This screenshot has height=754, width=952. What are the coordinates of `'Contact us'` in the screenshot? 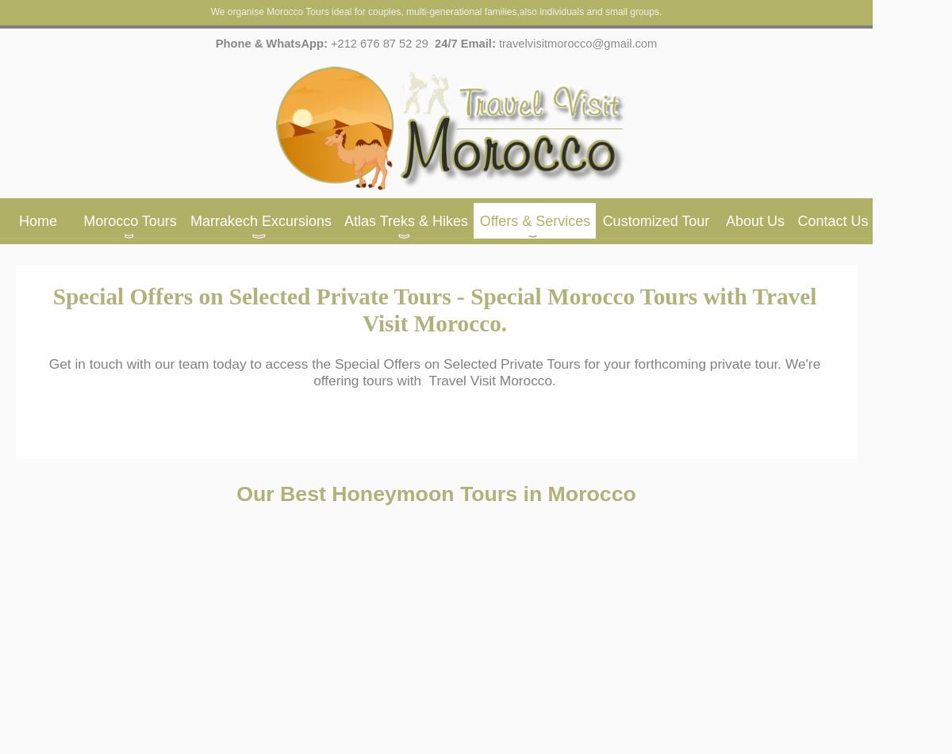 It's located at (832, 221).